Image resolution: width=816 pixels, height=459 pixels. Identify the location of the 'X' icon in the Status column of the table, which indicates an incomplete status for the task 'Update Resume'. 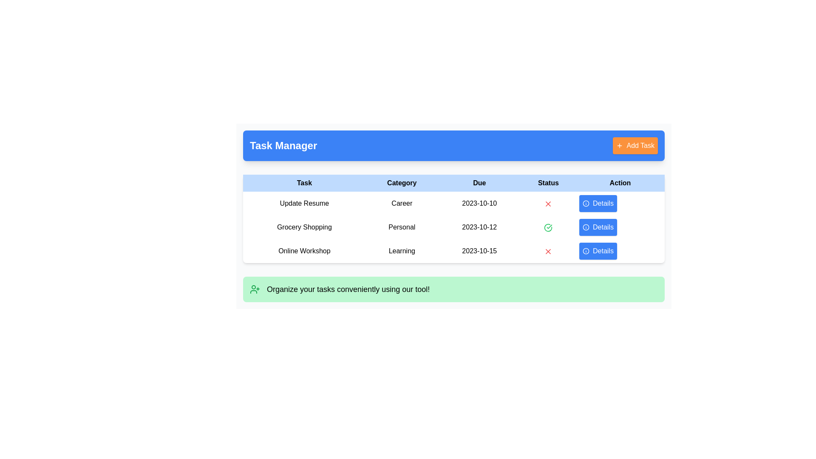
(548, 204).